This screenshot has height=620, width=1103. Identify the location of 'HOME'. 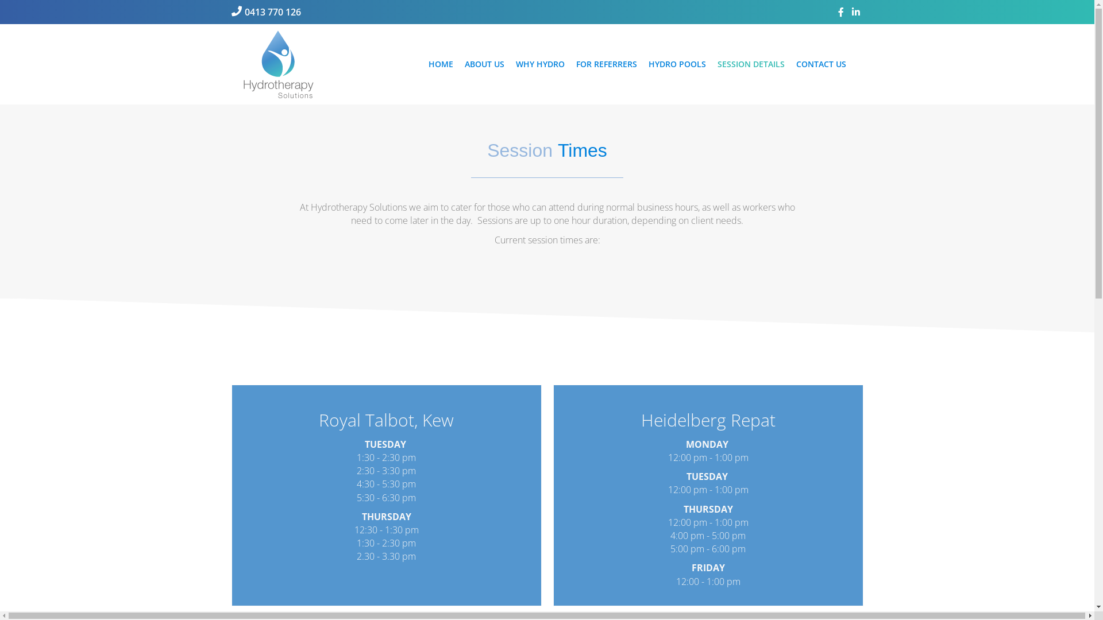
(440, 64).